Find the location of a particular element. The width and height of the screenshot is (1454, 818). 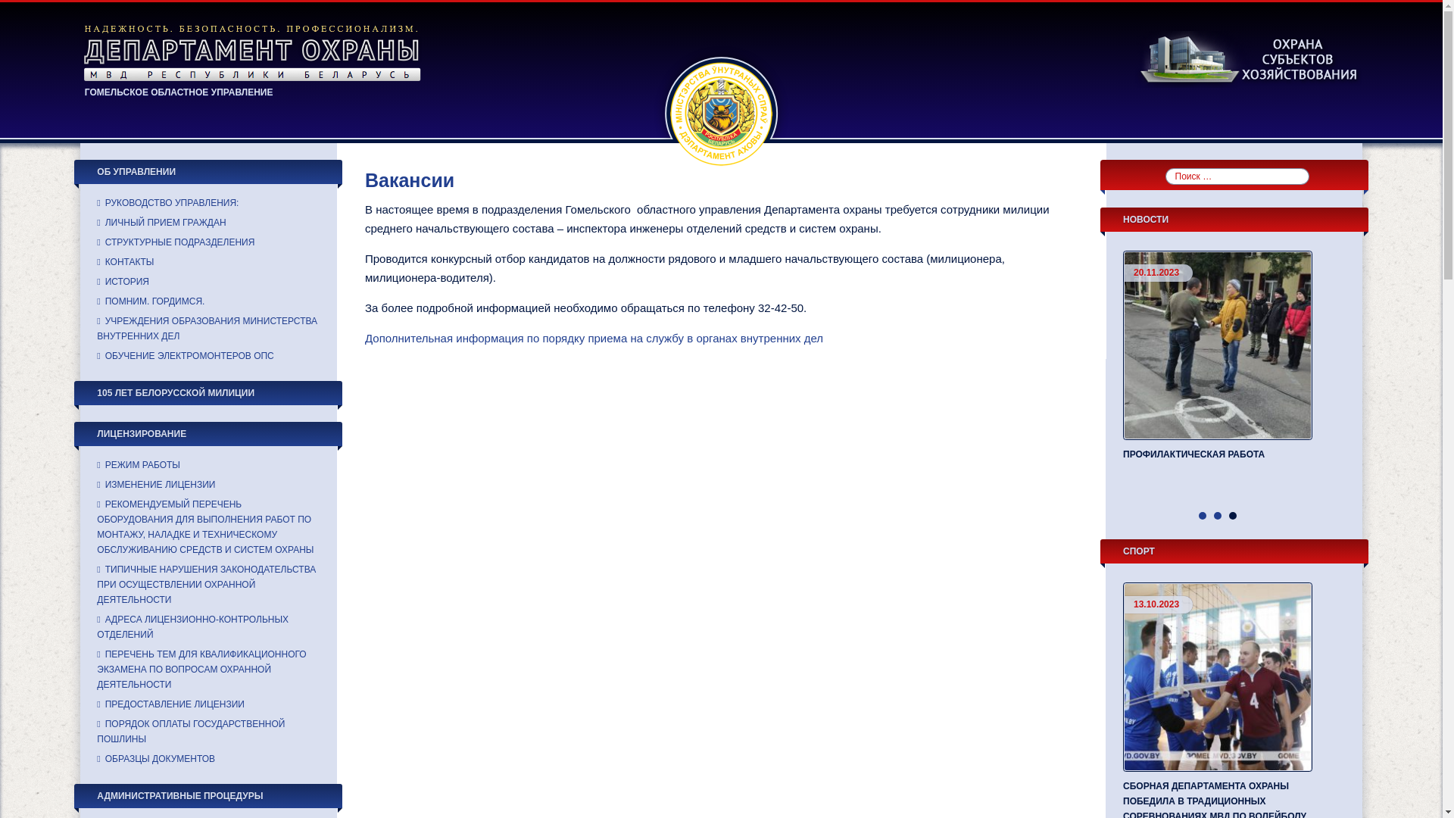

'1' is located at coordinates (1202, 515).